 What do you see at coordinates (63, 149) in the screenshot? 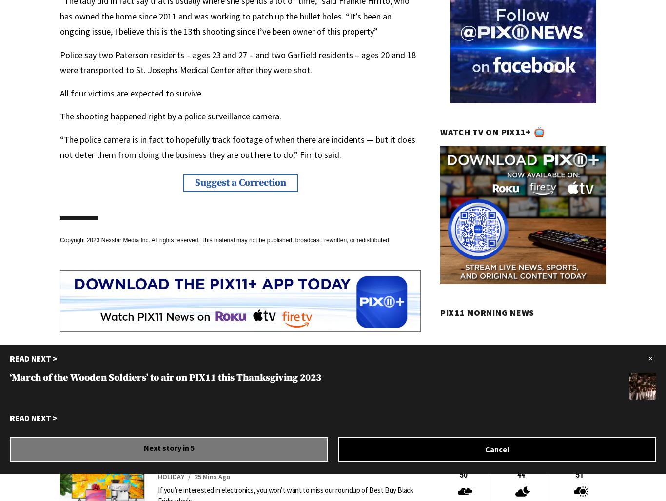
I see `'Great gift ideas that are on Josh McBride’s Black …'` at bounding box center [63, 149].